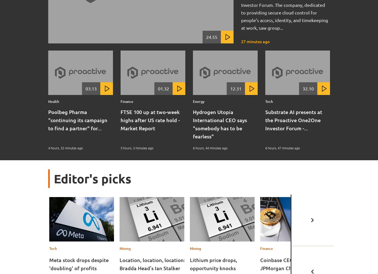 This screenshot has width=378, height=274. I want to click on '27 minutes ago', so click(255, 41).